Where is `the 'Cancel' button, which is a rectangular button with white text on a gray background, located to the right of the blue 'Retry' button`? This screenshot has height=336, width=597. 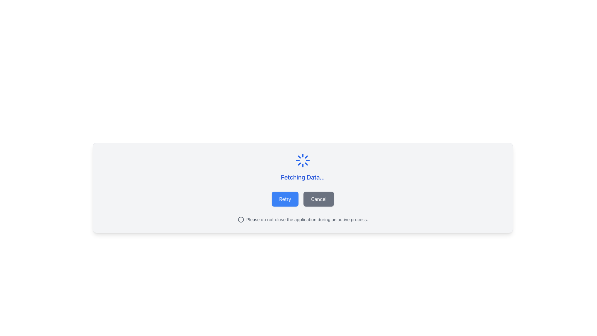 the 'Cancel' button, which is a rectangular button with white text on a gray background, located to the right of the blue 'Retry' button is located at coordinates (319, 199).